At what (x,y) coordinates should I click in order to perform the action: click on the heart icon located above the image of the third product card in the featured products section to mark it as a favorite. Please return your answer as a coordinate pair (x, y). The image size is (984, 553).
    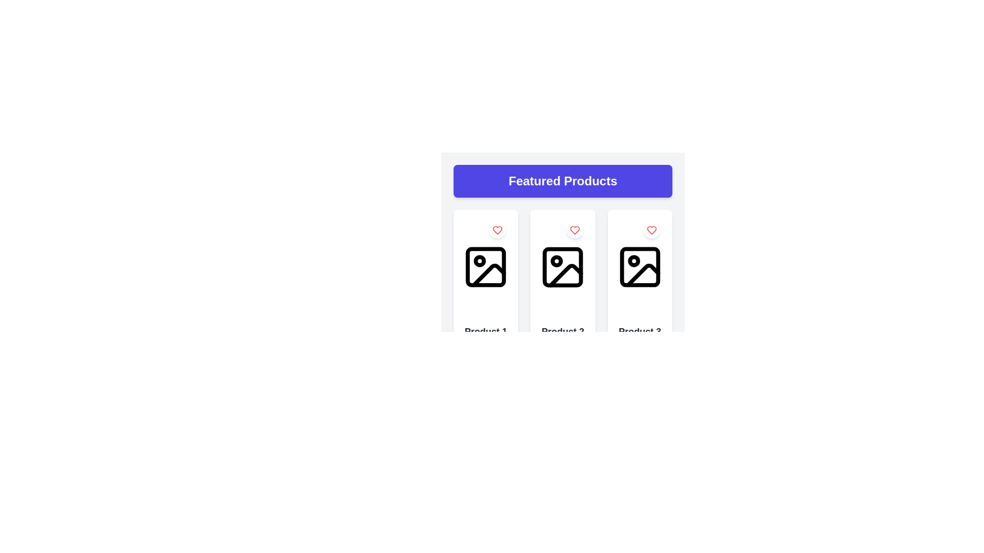
    Looking at the image, I should click on (651, 230).